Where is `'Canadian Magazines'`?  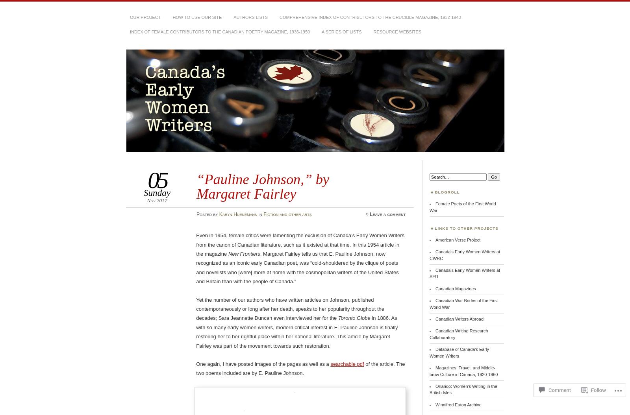
'Canadian Magazines' is located at coordinates (435, 288).